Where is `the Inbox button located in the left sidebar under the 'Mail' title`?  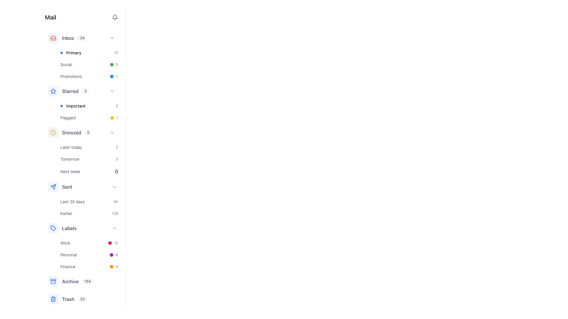
the Inbox button located in the left sidebar under the 'Mail' title is located at coordinates (53, 38).